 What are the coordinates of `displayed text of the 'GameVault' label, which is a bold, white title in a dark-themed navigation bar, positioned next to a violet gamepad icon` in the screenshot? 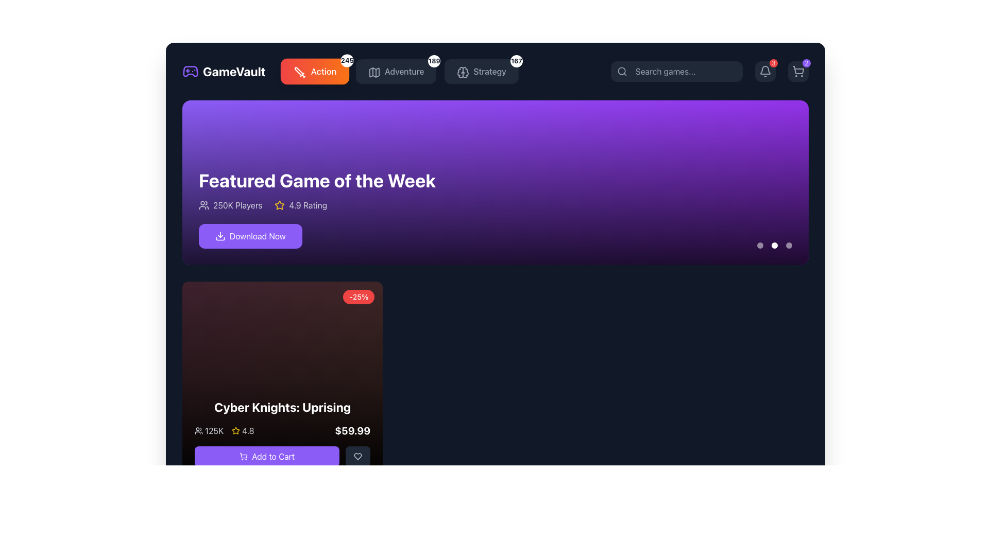 It's located at (233, 71).